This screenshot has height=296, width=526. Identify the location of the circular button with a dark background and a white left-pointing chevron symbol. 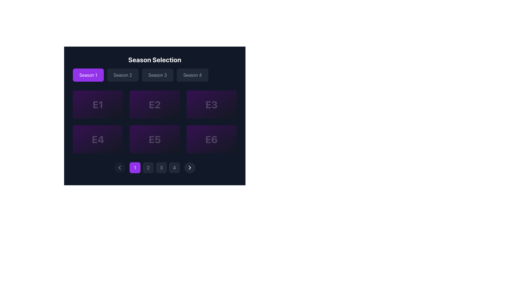
(119, 167).